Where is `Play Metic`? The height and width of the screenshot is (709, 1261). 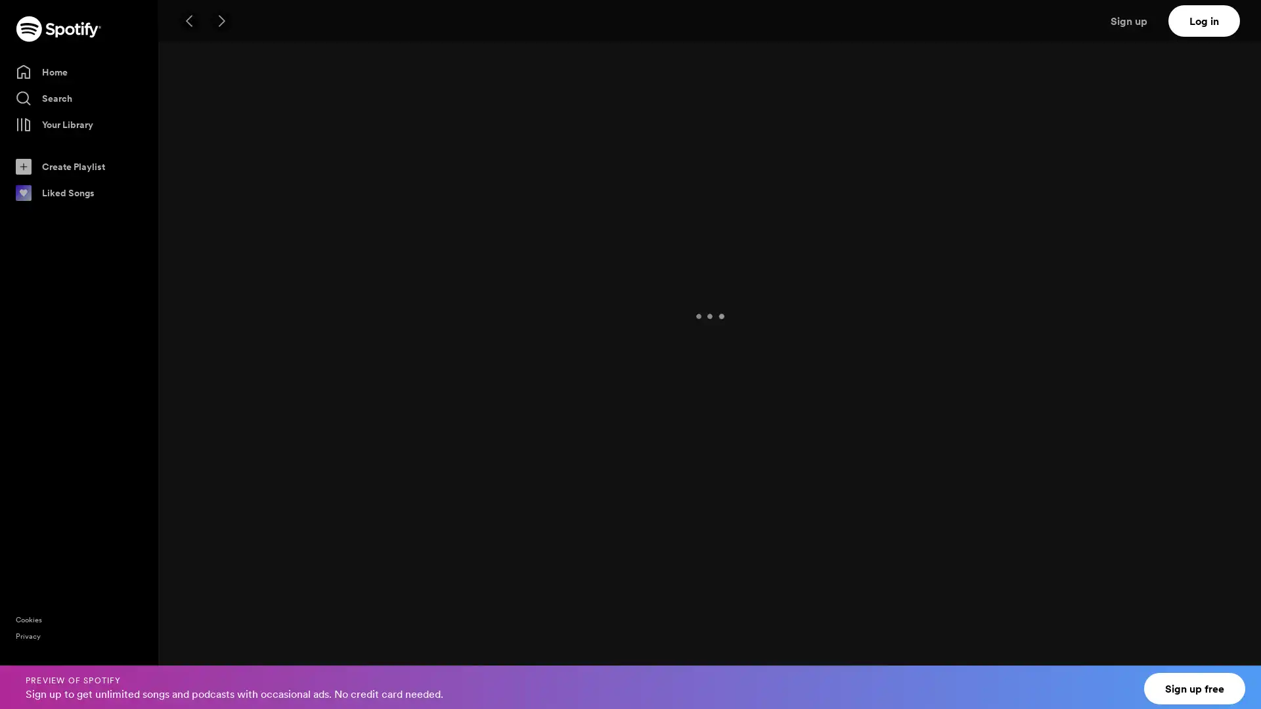 Play Metic is located at coordinates (399, 627).